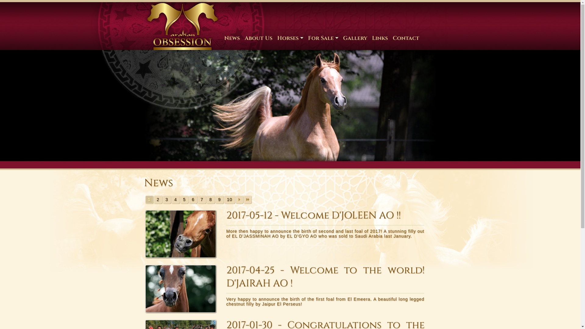  Describe the element at coordinates (258, 38) in the screenshot. I see `'About Us'` at that location.